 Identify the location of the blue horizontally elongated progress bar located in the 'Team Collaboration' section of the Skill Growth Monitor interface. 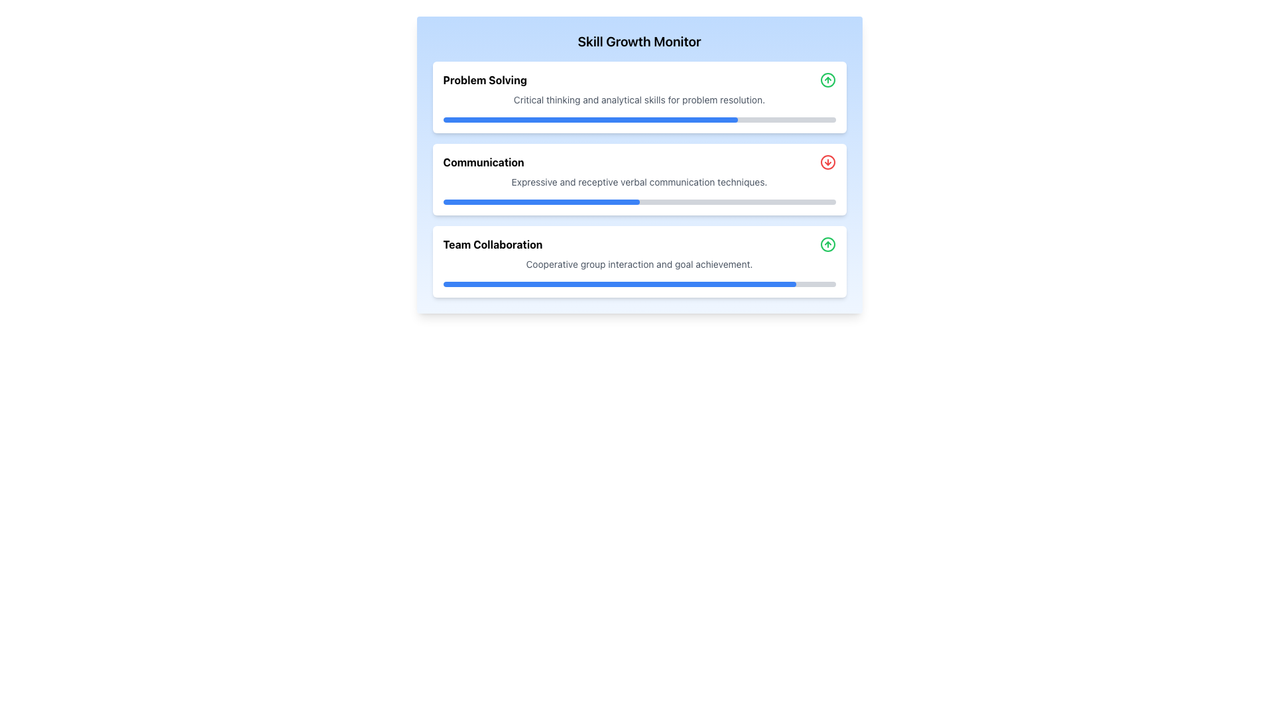
(619, 283).